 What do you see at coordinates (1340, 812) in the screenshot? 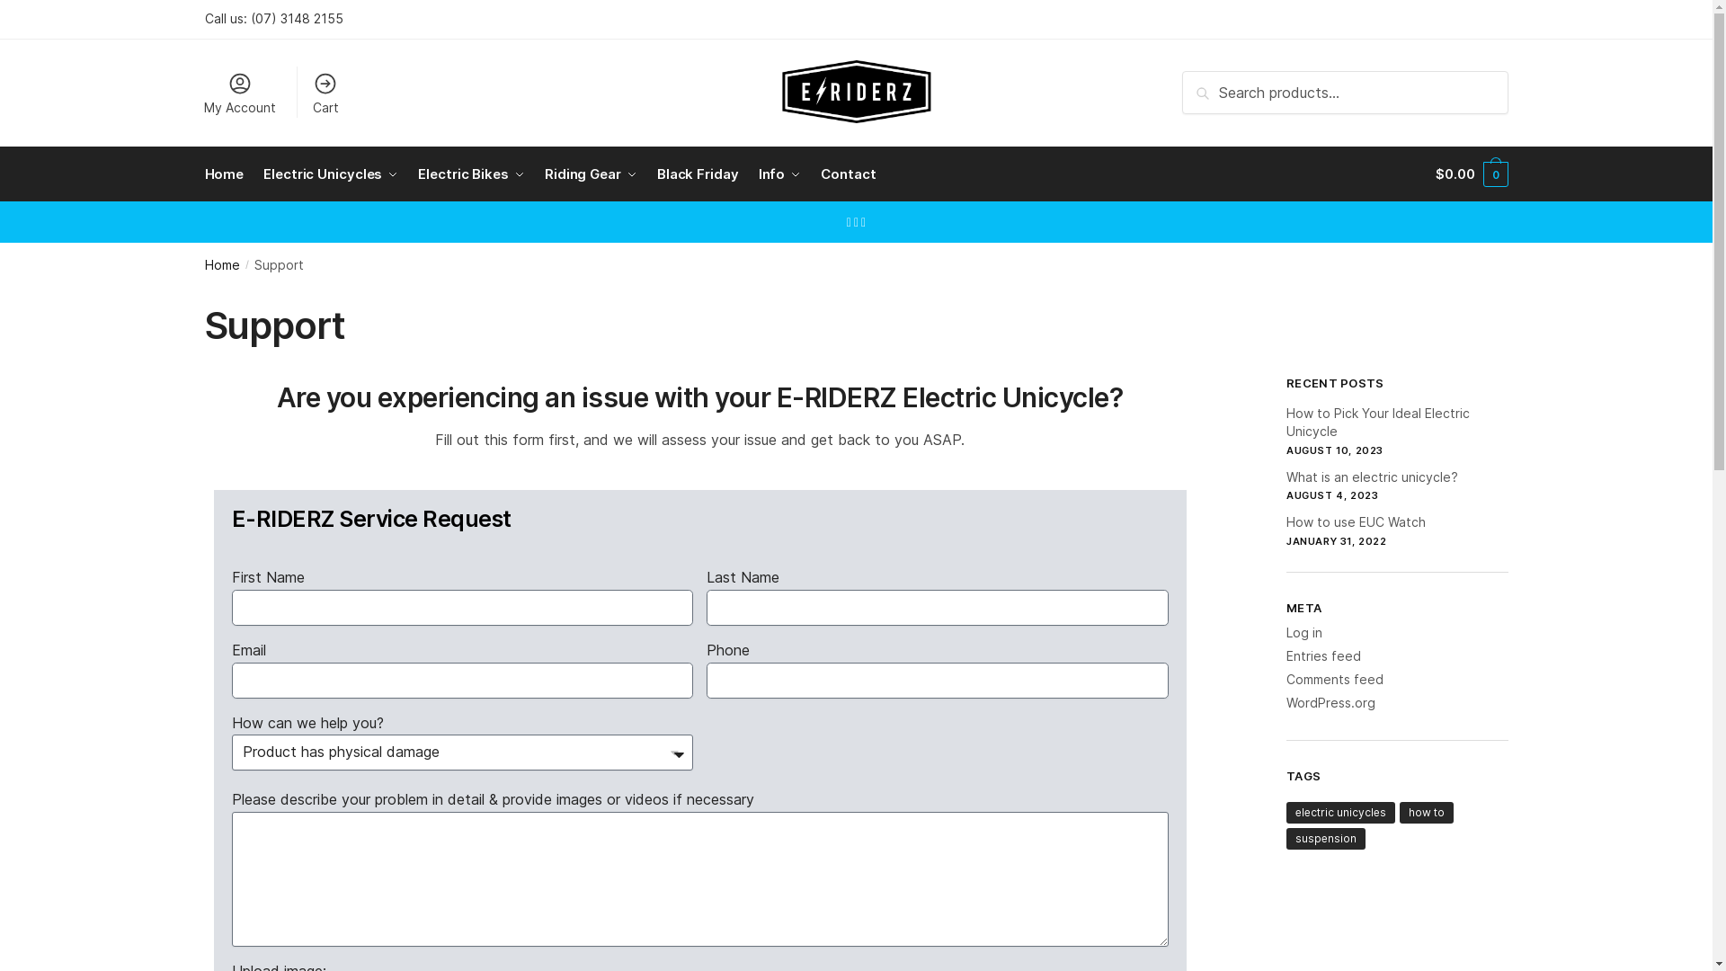
I see `'electric unicycles'` at bounding box center [1340, 812].